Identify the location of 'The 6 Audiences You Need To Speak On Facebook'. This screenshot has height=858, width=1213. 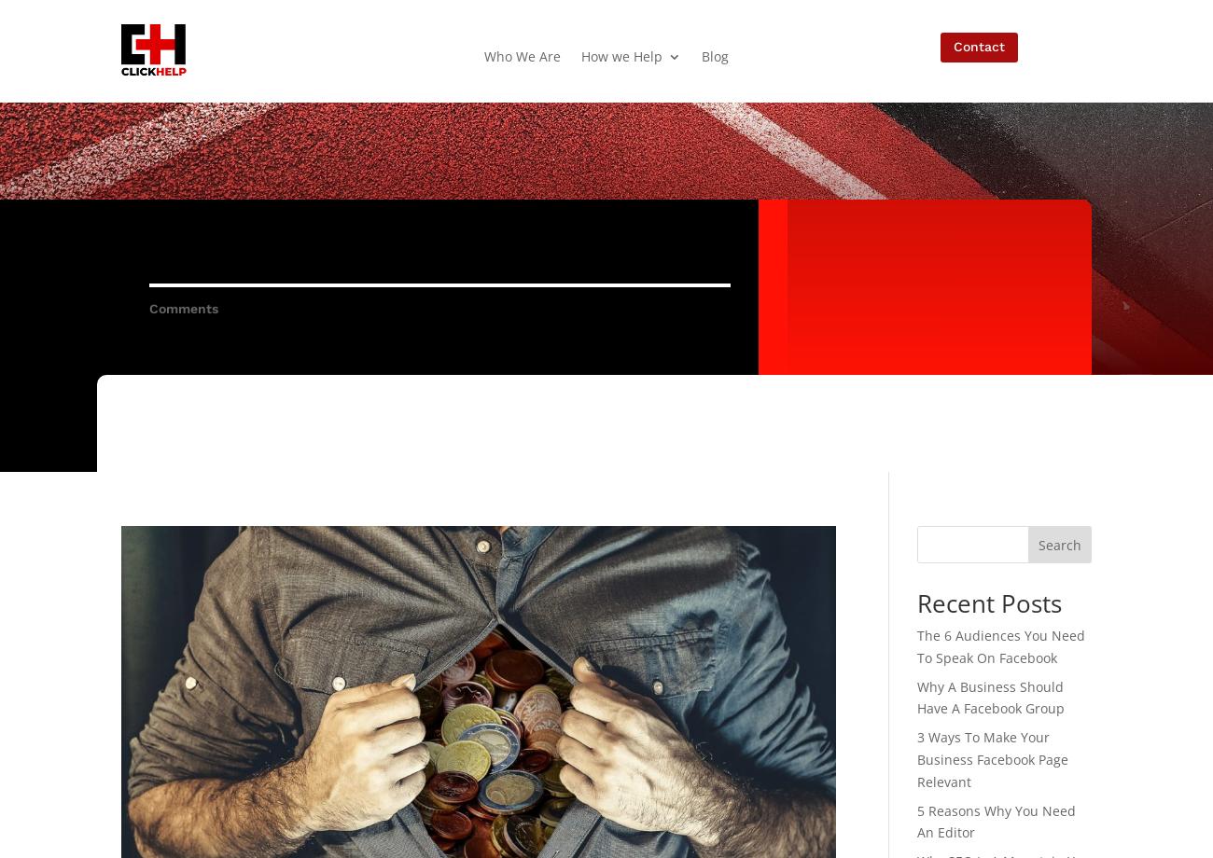
(999, 645).